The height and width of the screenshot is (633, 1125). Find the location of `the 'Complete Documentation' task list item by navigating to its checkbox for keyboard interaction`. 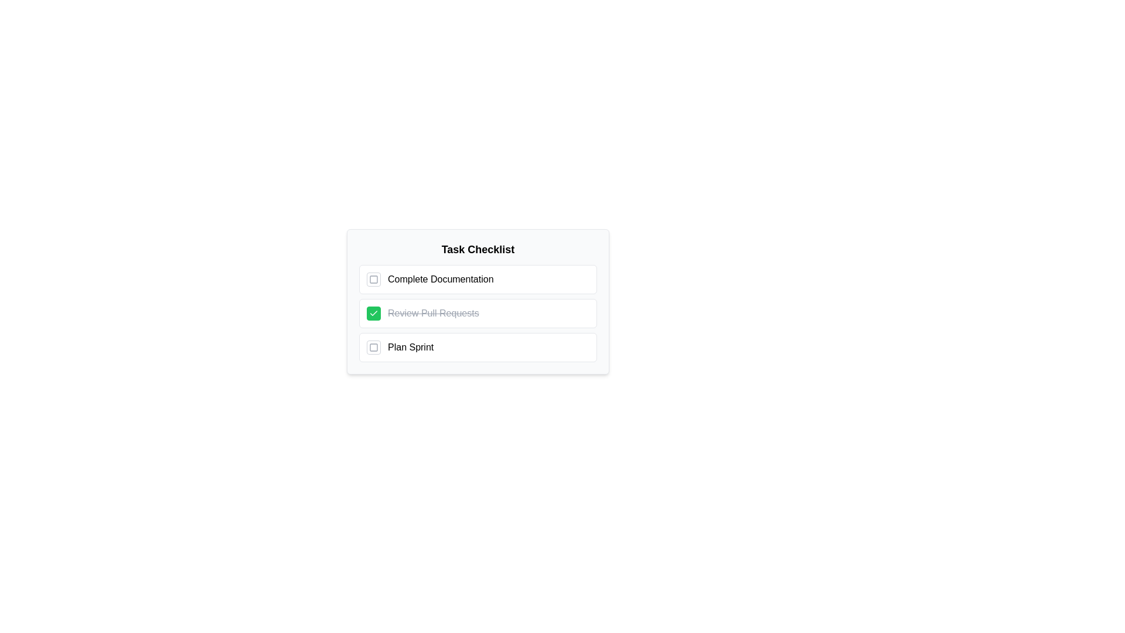

the 'Complete Documentation' task list item by navigating to its checkbox for keyboard interaction is located at coordinates (478, 280).